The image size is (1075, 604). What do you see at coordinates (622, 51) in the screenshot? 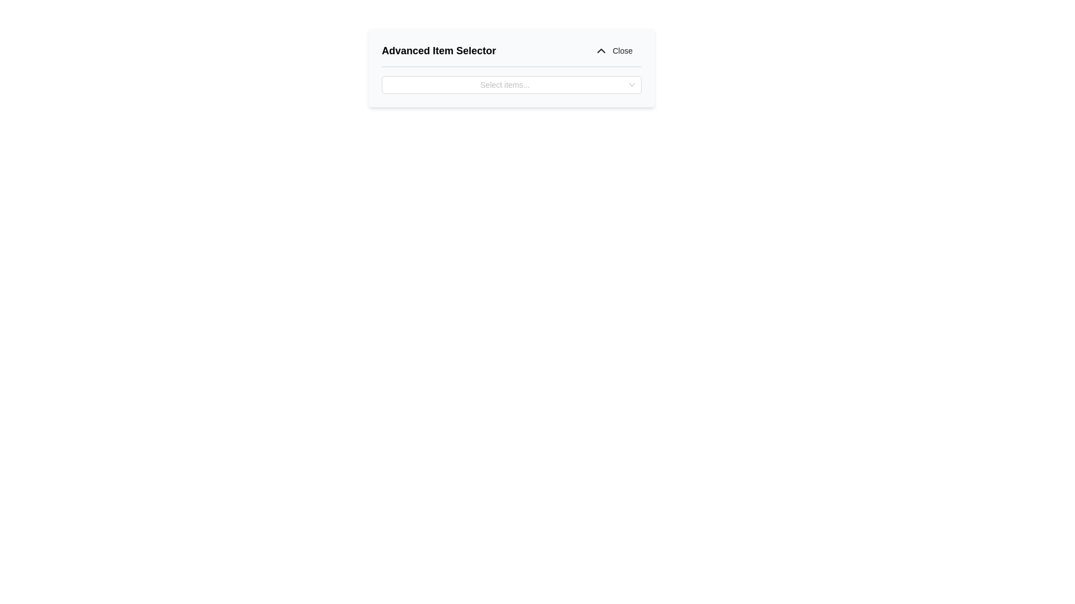
I see `the 'Close' button located at the upper right corner of the 'Advanced Item Selector' component for keyboard navigation` at bounding box center [622, 51].